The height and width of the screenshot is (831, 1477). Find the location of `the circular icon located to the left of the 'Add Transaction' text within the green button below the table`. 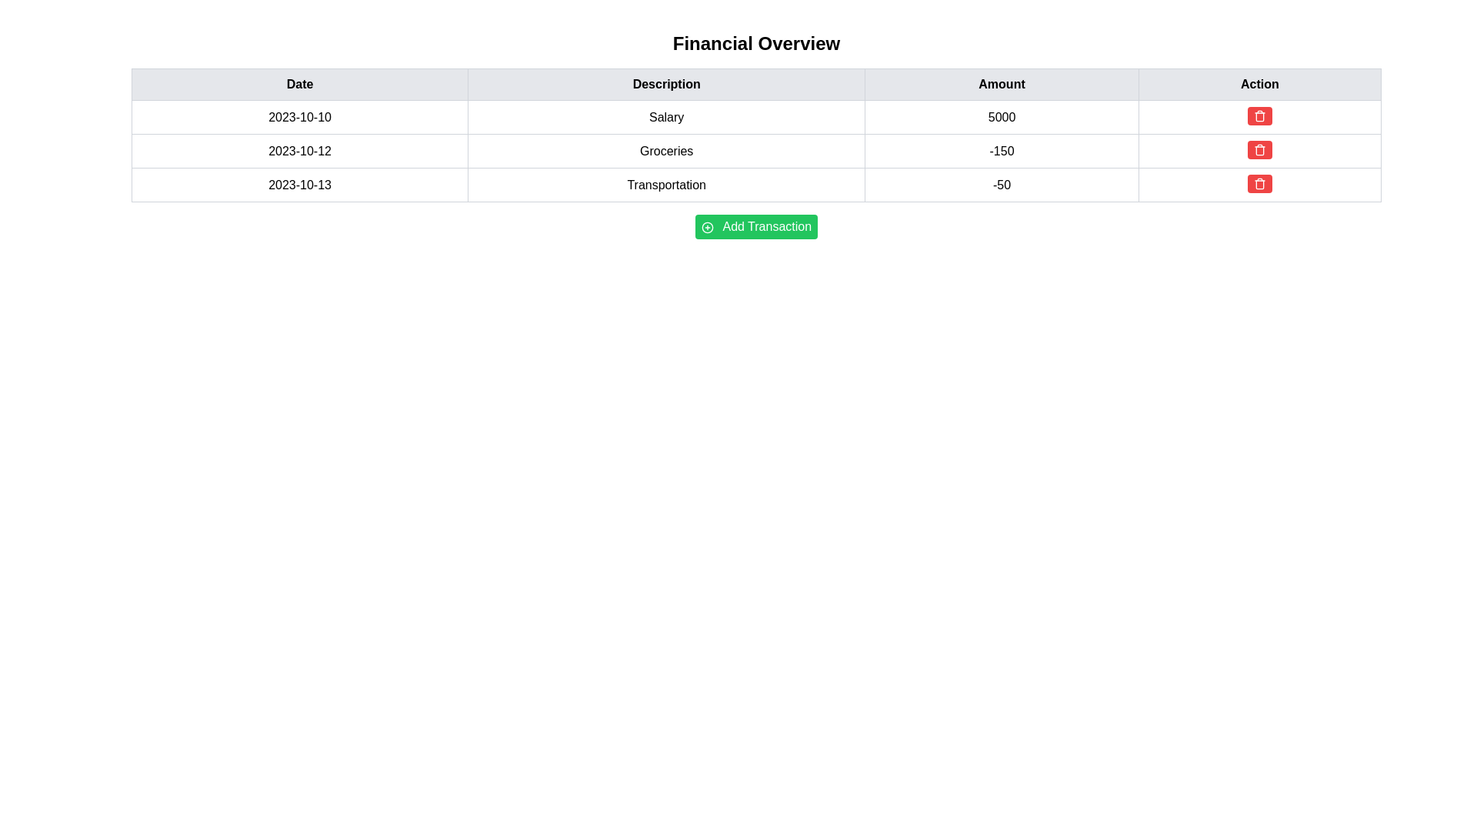

the circular icon located to the left of the 'Add Transaction' text within the green button below the table is located at coordinates (706, 227).